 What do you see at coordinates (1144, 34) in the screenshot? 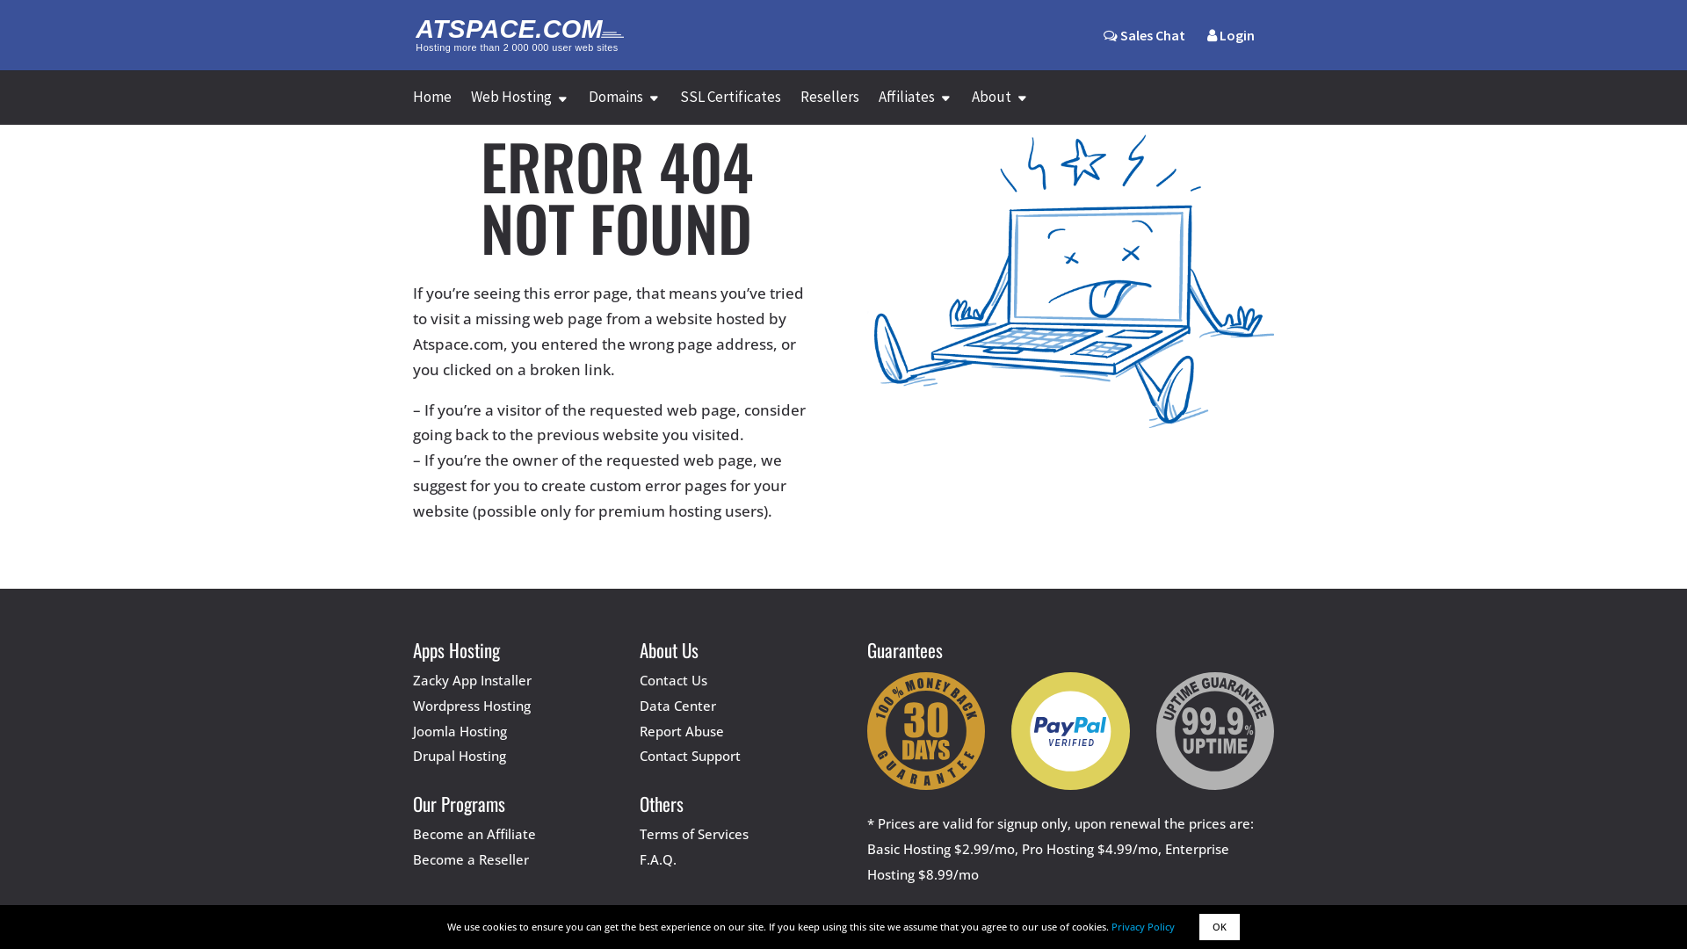
I see `'Sales Chat'` at bounding box center [1144, 34].